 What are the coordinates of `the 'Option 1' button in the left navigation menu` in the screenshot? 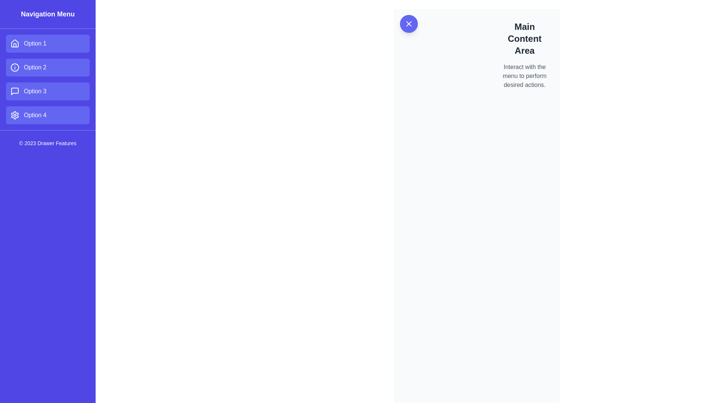 It's located at (47, 43).